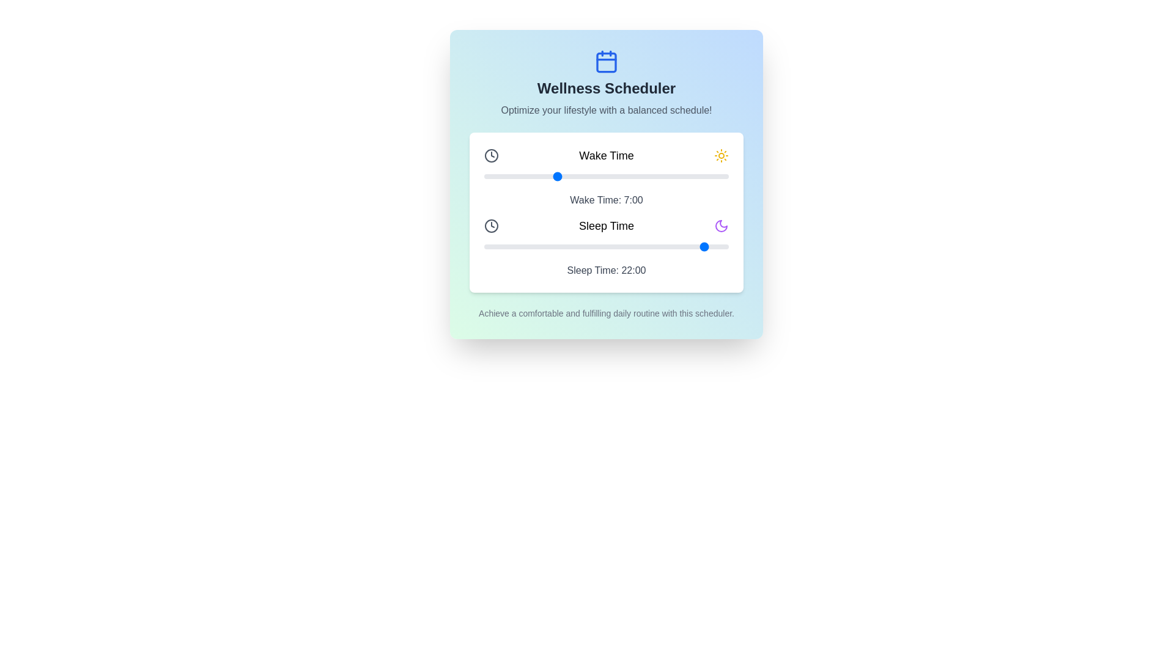  Describe the element at coordinates (596, 177) in the screenshot. I see `the wake time` at that location.